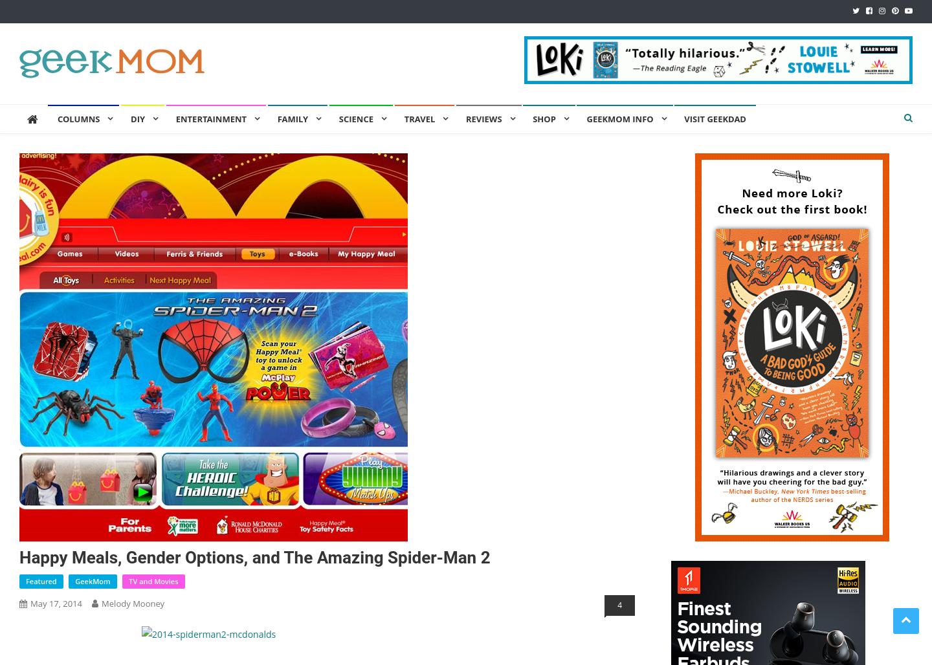 This screenshot has width=932, height=665. What do you see at coordinates (236, 341) in the screenshot?
I see `'View All in Entertainment'` at bounding box center [236, 341].